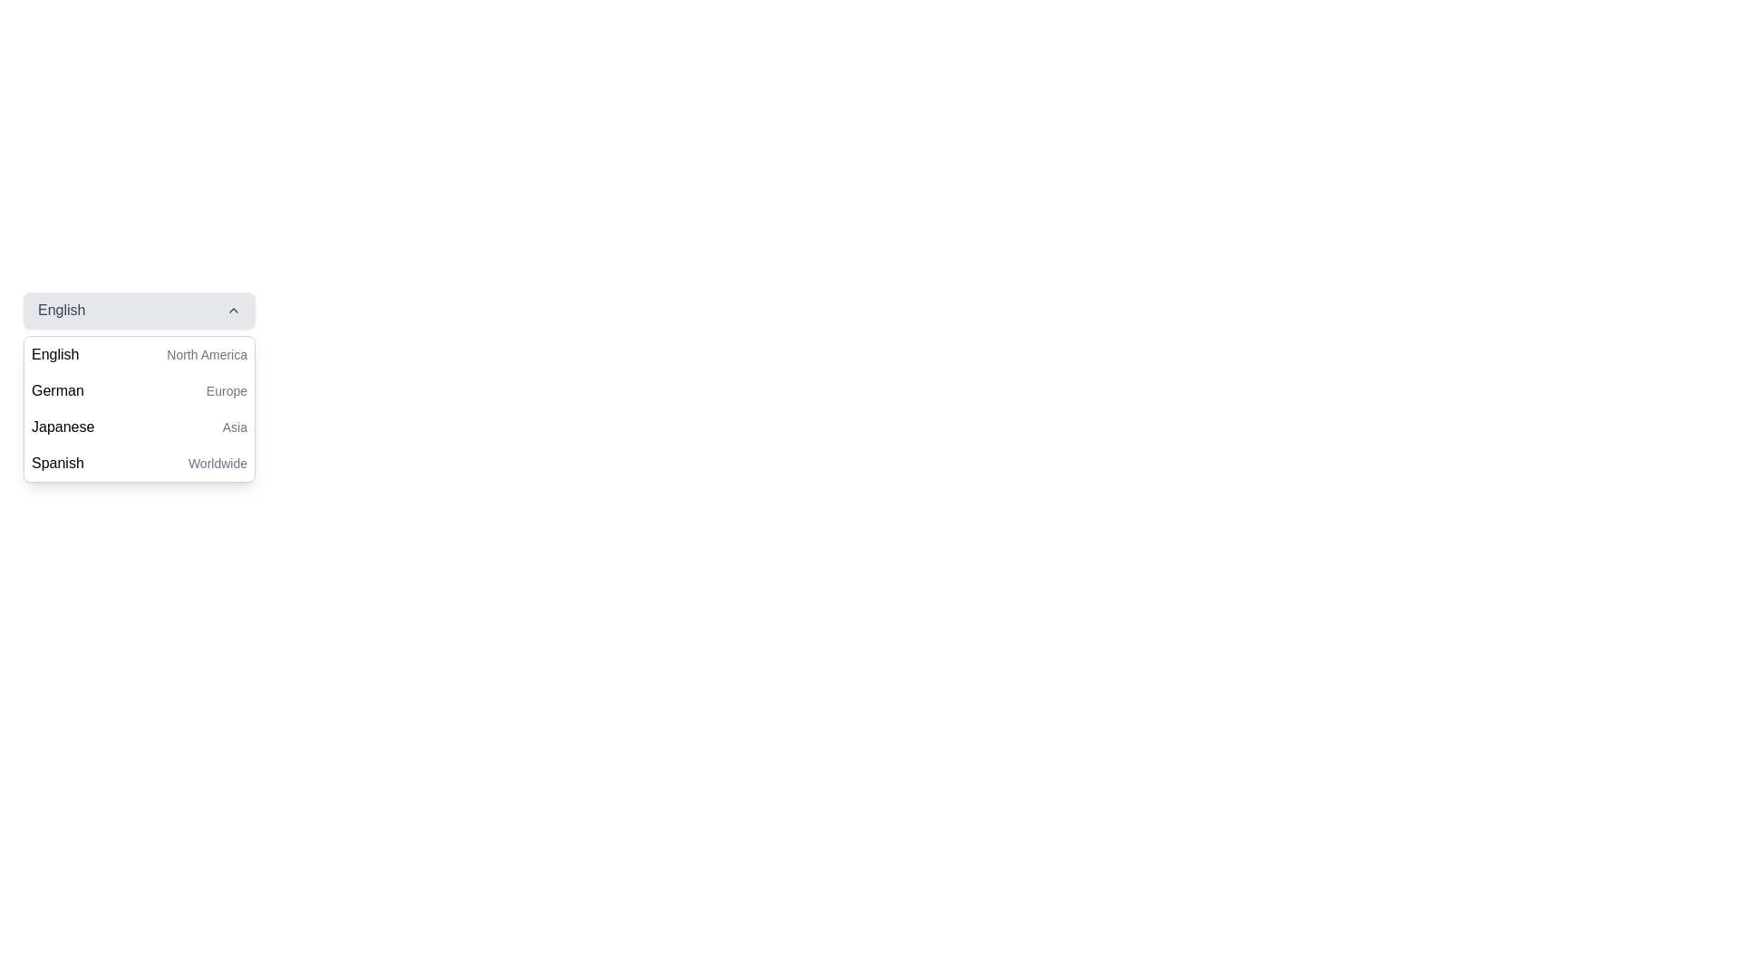 This screenshot has height=978, width=1740. I want to click on the 'Japanese' option in the dropdown menu which is the third option listed below 'English' and 'German', so click(138, 427).